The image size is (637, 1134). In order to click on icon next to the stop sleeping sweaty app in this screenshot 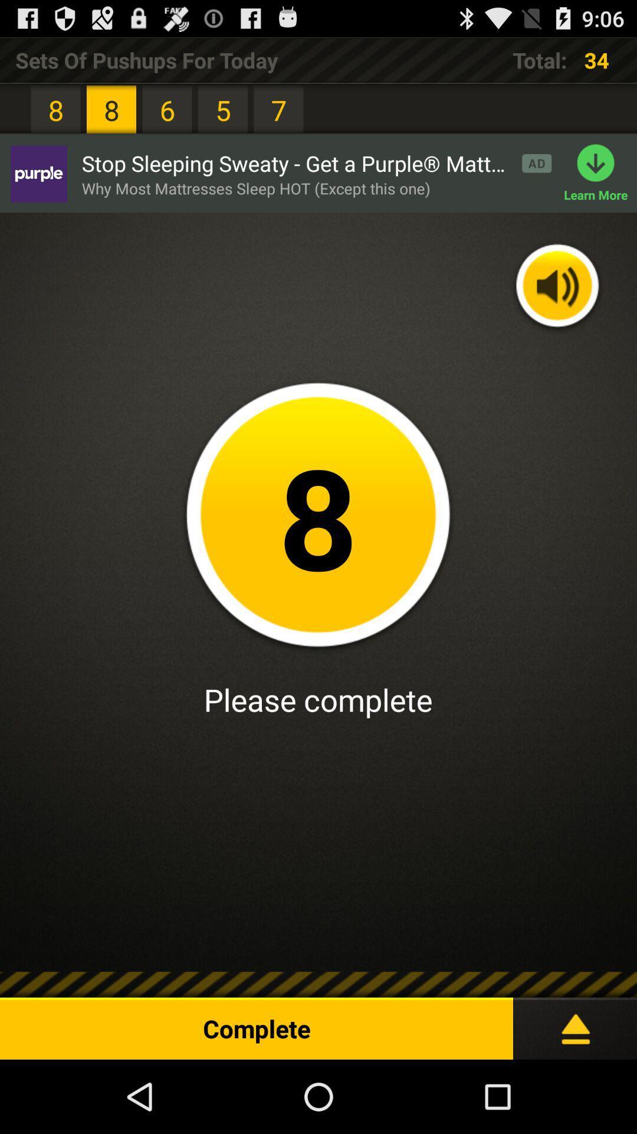, I will do `click(38, 173)`.